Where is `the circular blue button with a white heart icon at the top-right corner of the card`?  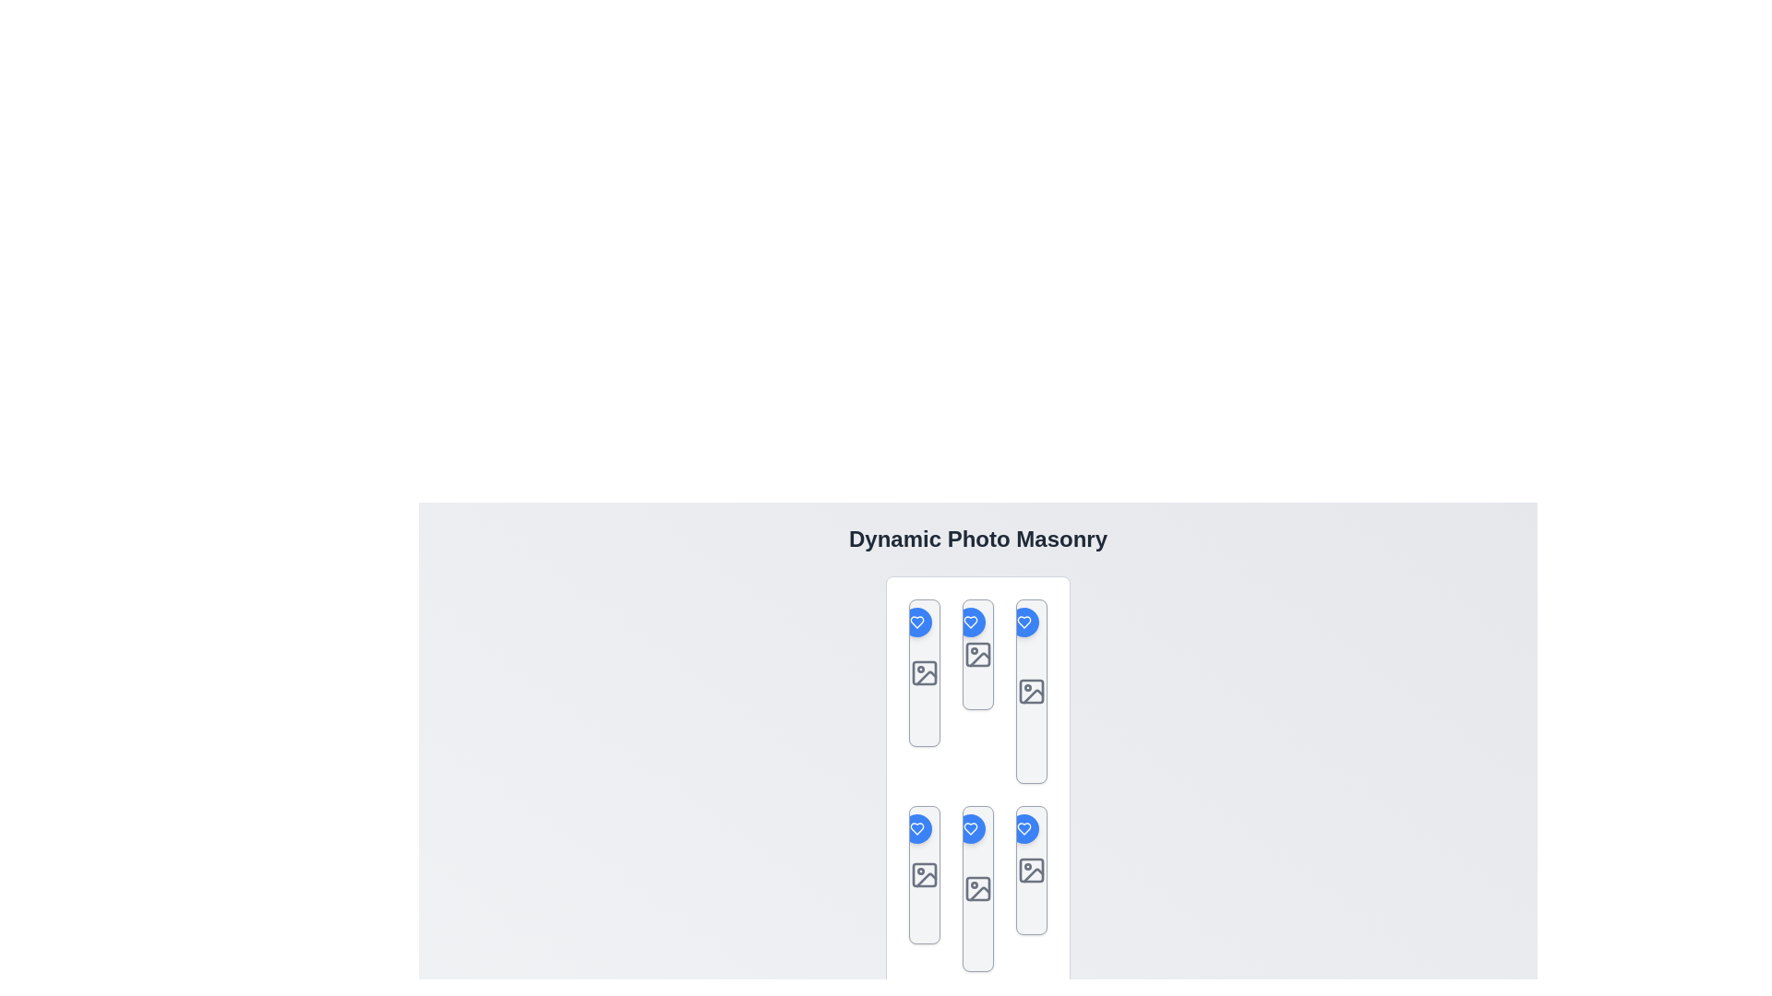
the circular blue button with a white heart icon at the top-right corner of the card is located at coordinates (969, 622).